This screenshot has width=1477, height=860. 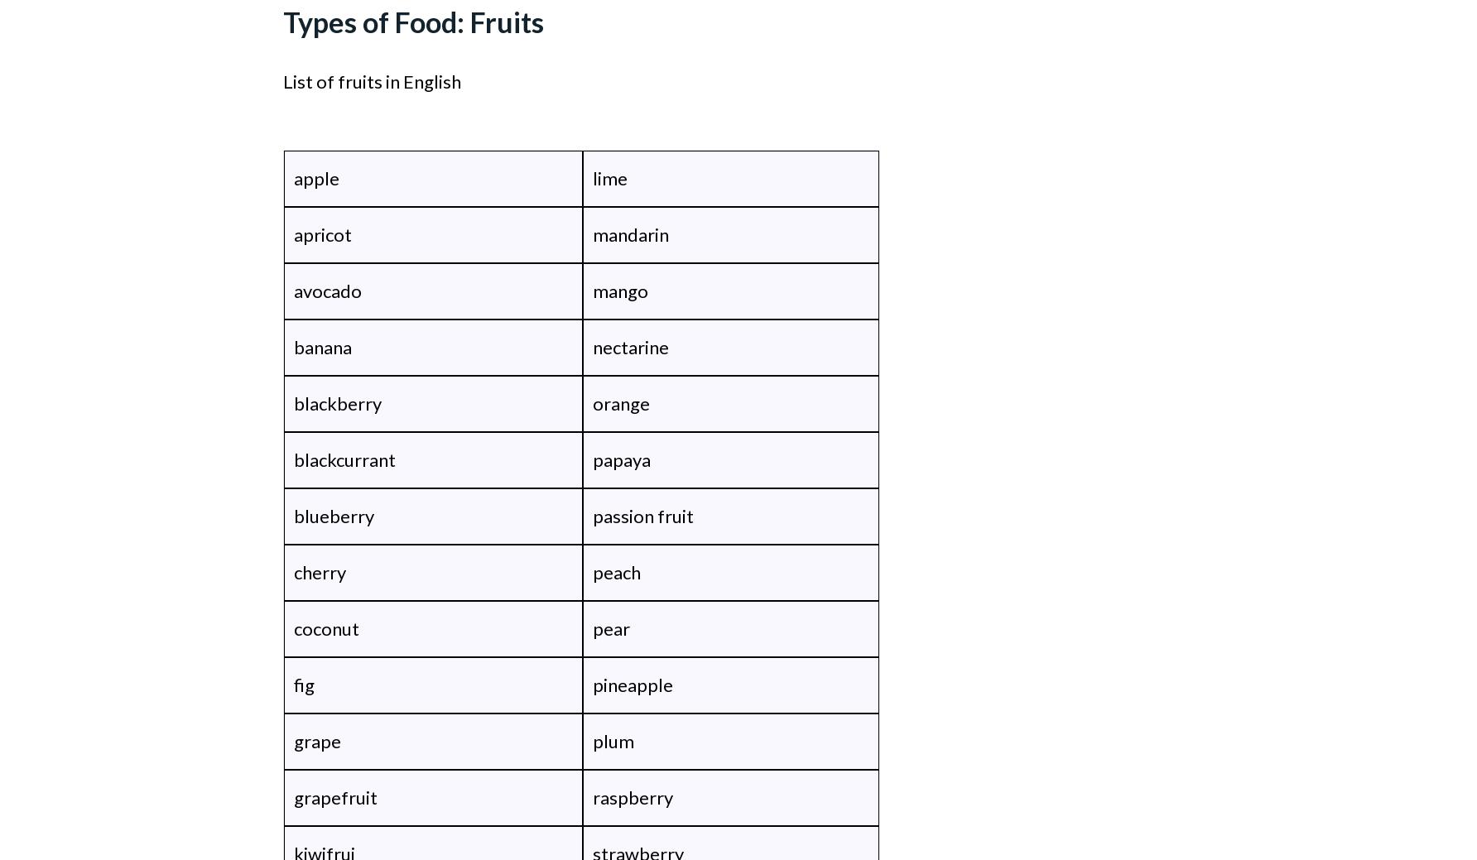 I want to click on 'apricot', so click(x=321, y=234).